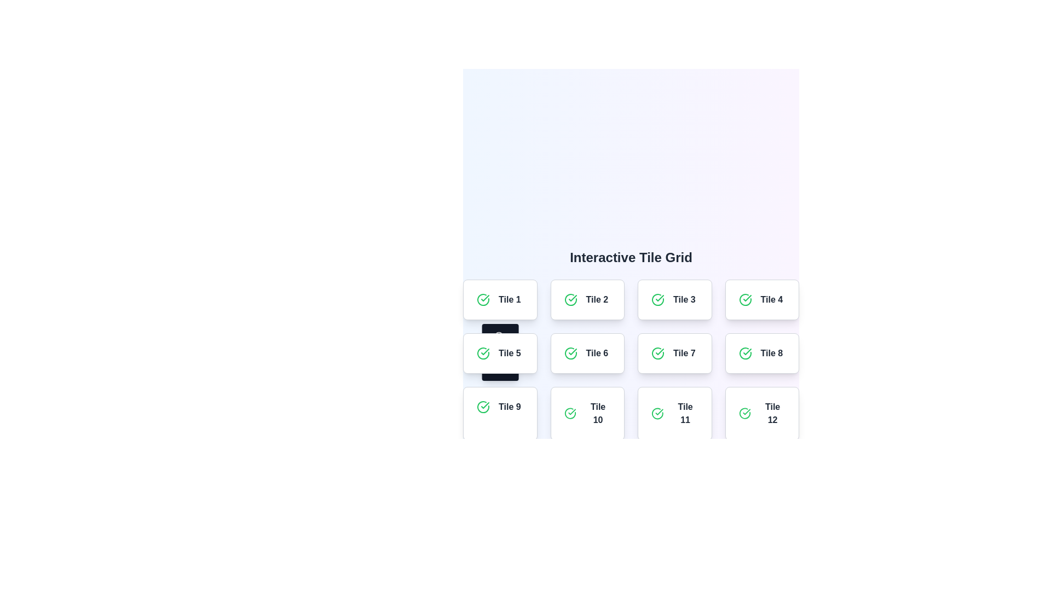  I want to click on the rectangular tile with a white background, green checkmark icon, and bold black text 'Tile 11' to activate hover effects, so click(674, 414).